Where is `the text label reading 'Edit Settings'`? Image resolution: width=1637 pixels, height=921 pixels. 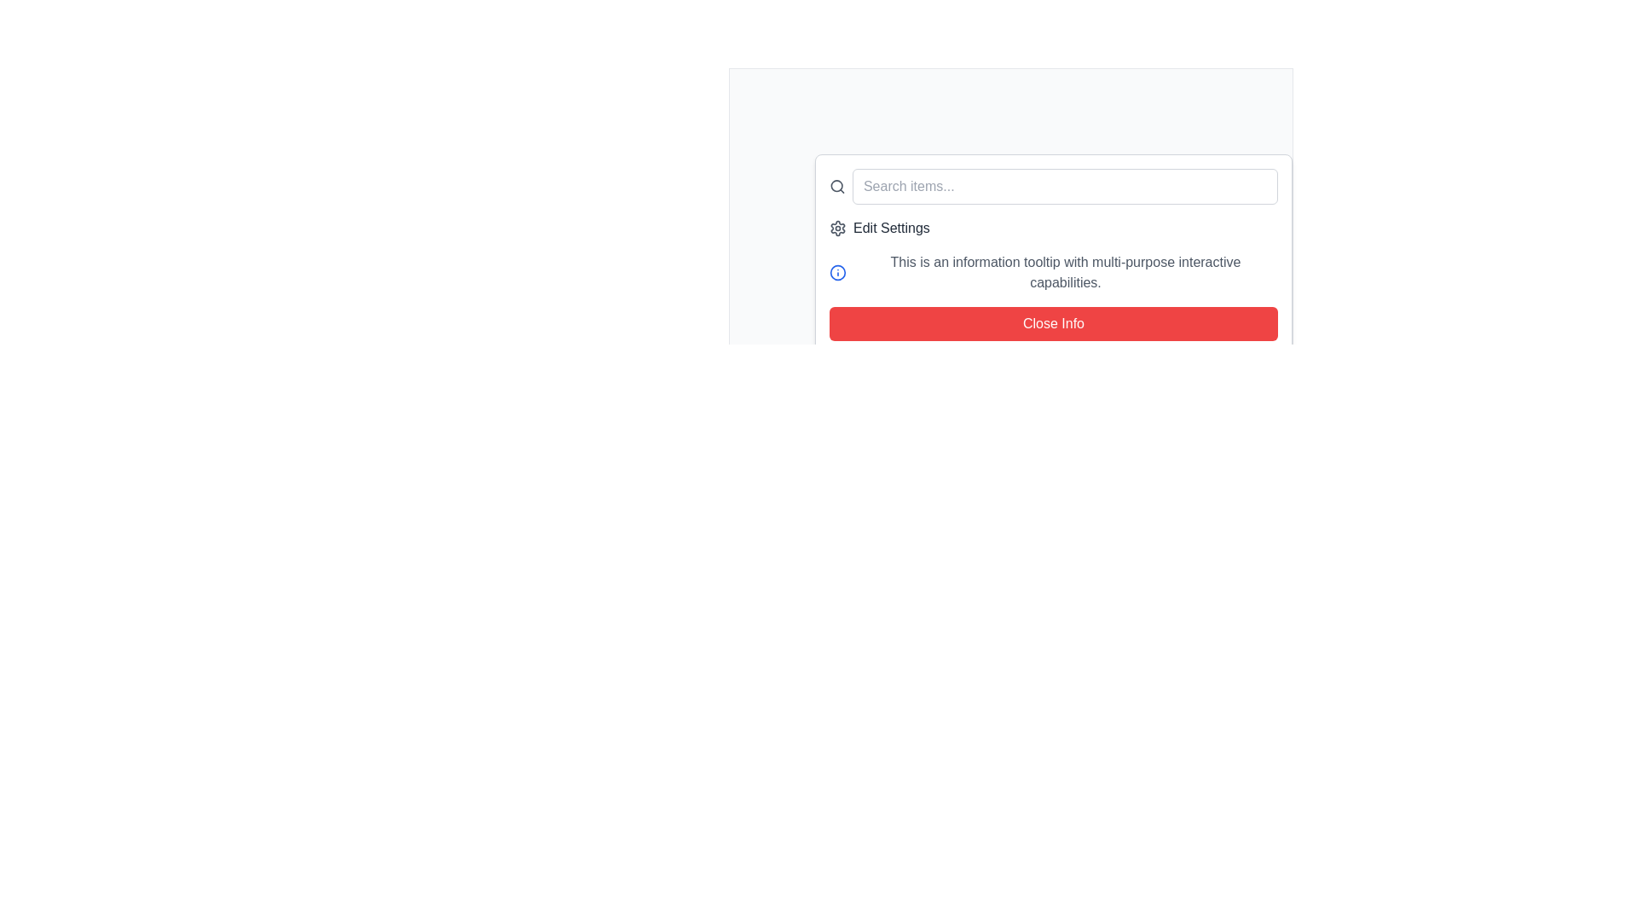 the text label reading 'Edit Settings' is located at coordinates (890, 227).